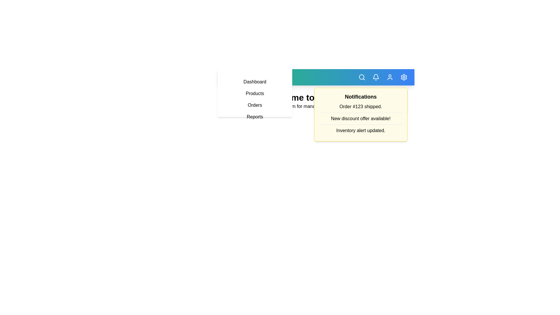 This screenshot has height=315, width=560. What do you see at coordinates (255, 99) in the screenshot?
I see `the 'Products' menu item located in the left sidebar` at bounding box center [255, 99].